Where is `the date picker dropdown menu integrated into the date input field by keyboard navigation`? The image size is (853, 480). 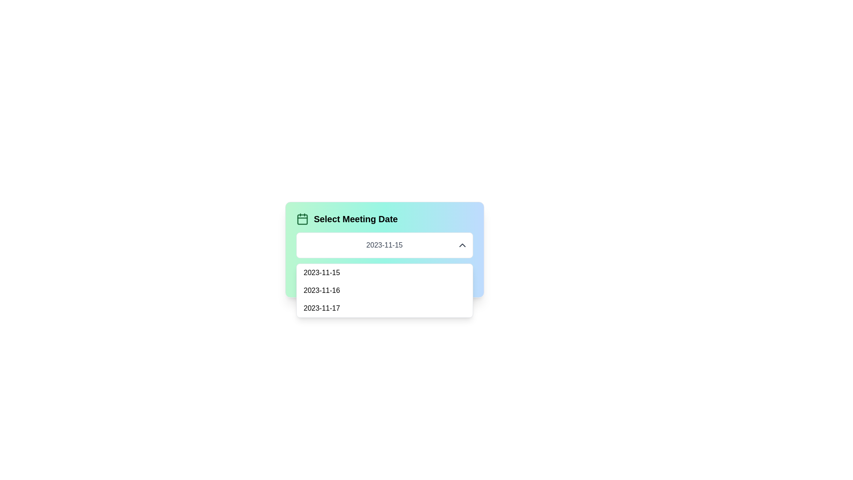
the date picker dropdown menu integrated into the date input field by keyboard navigation is located at coordinates (384, 245).